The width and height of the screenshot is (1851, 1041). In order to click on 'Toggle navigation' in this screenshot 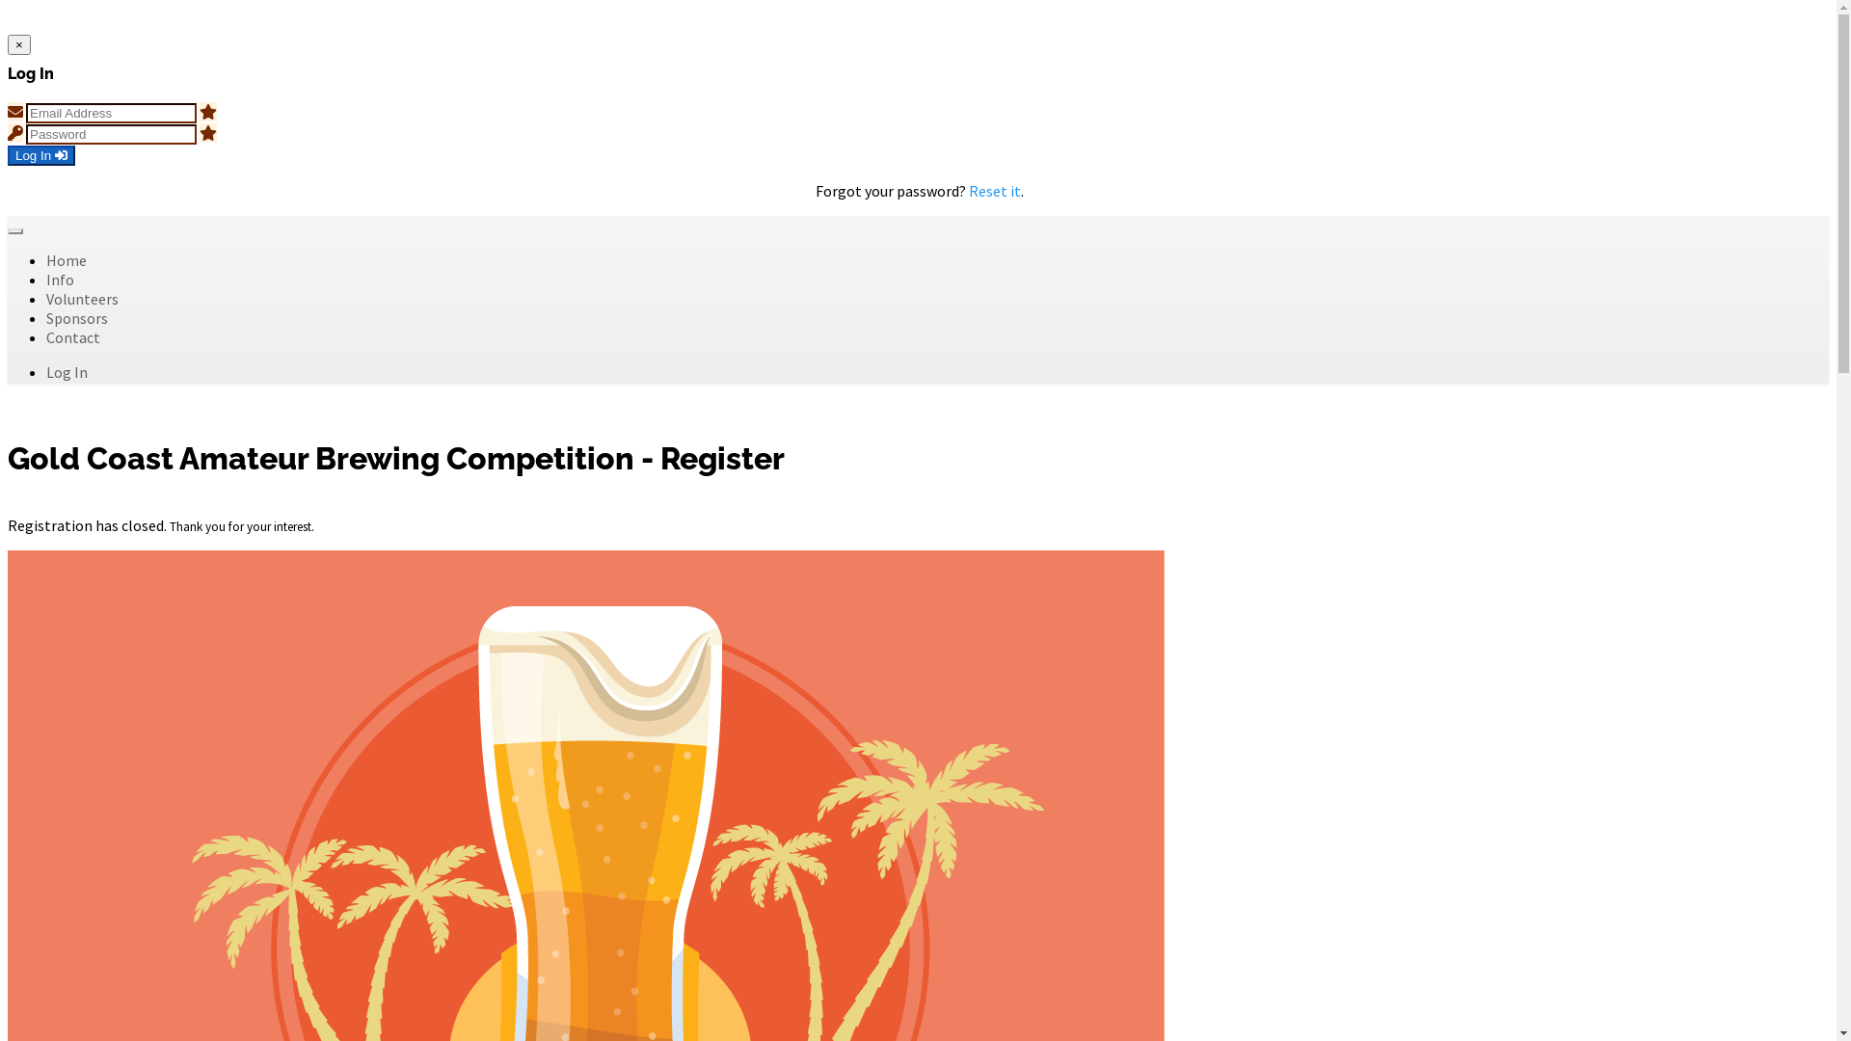, I will do `click(14, 229)`.